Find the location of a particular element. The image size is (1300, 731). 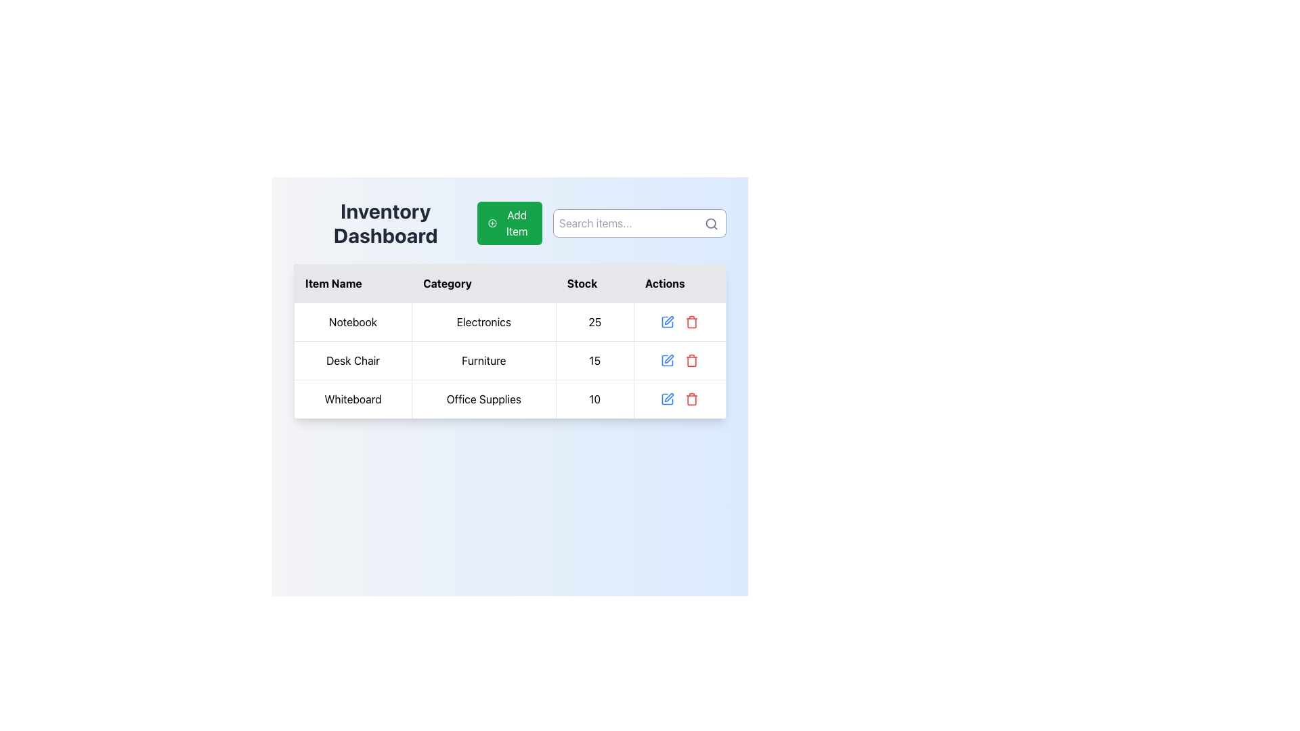

the blue pen icon in the 'Actions' column of the first row of the inventory table to initiate editing the corresponding inventory entry for 'Notebook' is located at coordinates (668, 322).